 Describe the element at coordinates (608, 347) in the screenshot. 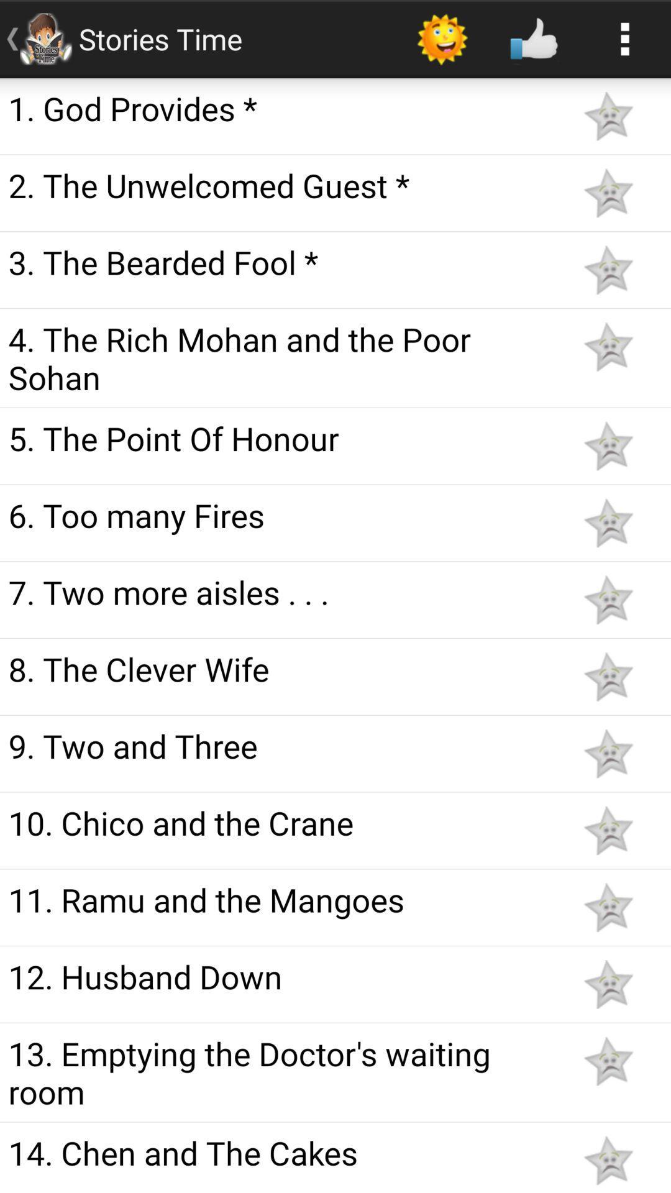

I see `bookmark` at that location.